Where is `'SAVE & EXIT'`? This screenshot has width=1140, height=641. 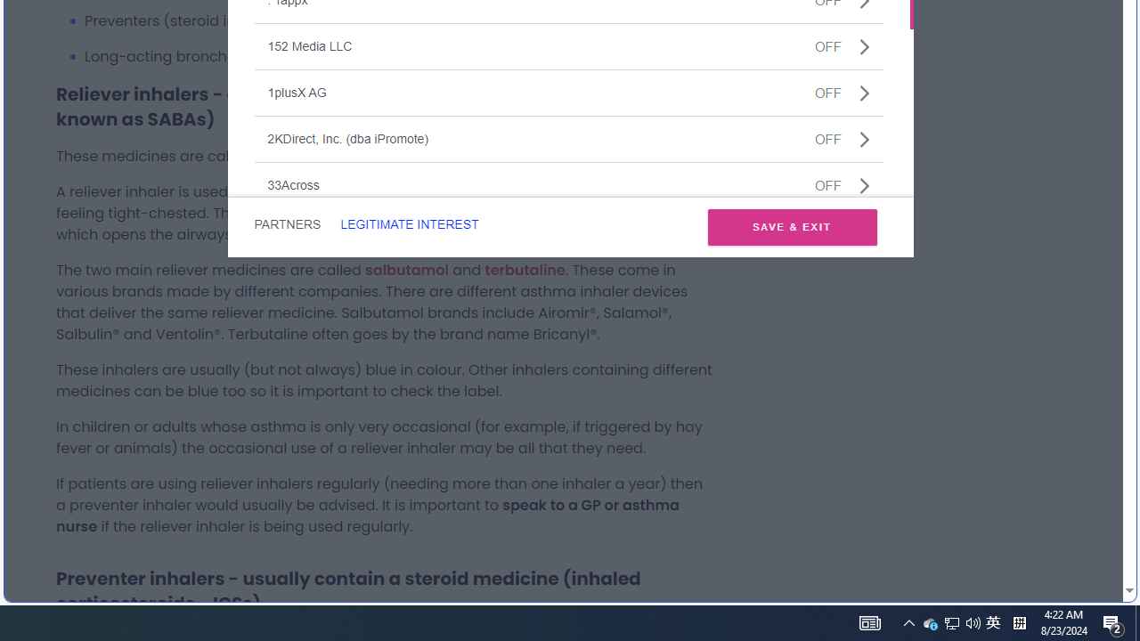
'SAVE & EXIT' is located at coordinates (791, 226).